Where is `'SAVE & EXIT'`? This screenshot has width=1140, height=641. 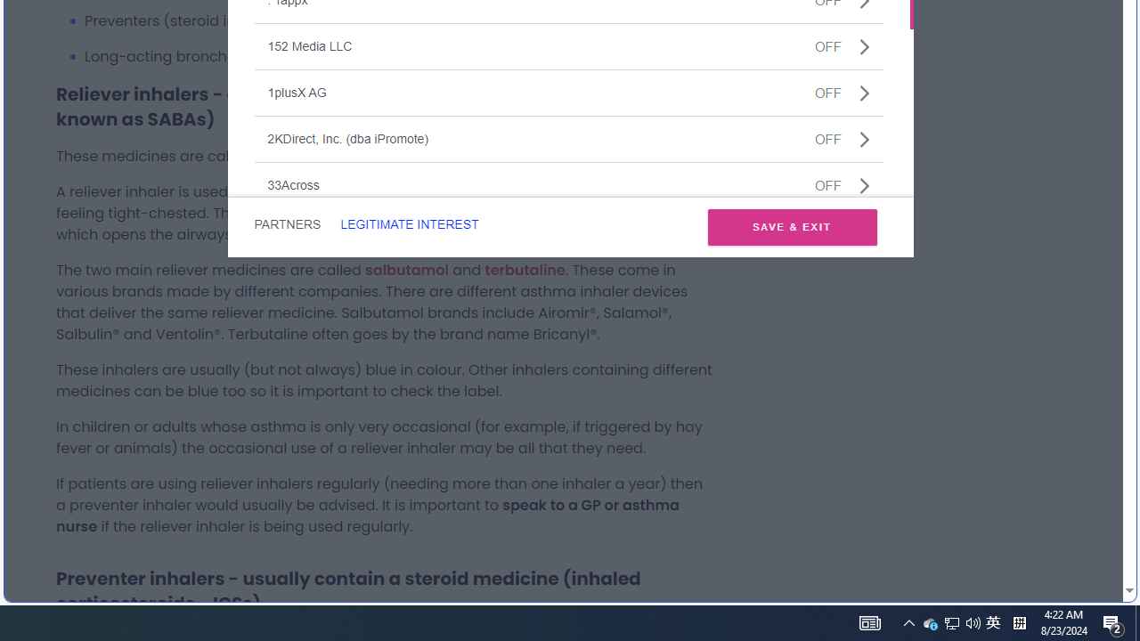
'SAVE & EXIT' is located at coordinates (791, 226).